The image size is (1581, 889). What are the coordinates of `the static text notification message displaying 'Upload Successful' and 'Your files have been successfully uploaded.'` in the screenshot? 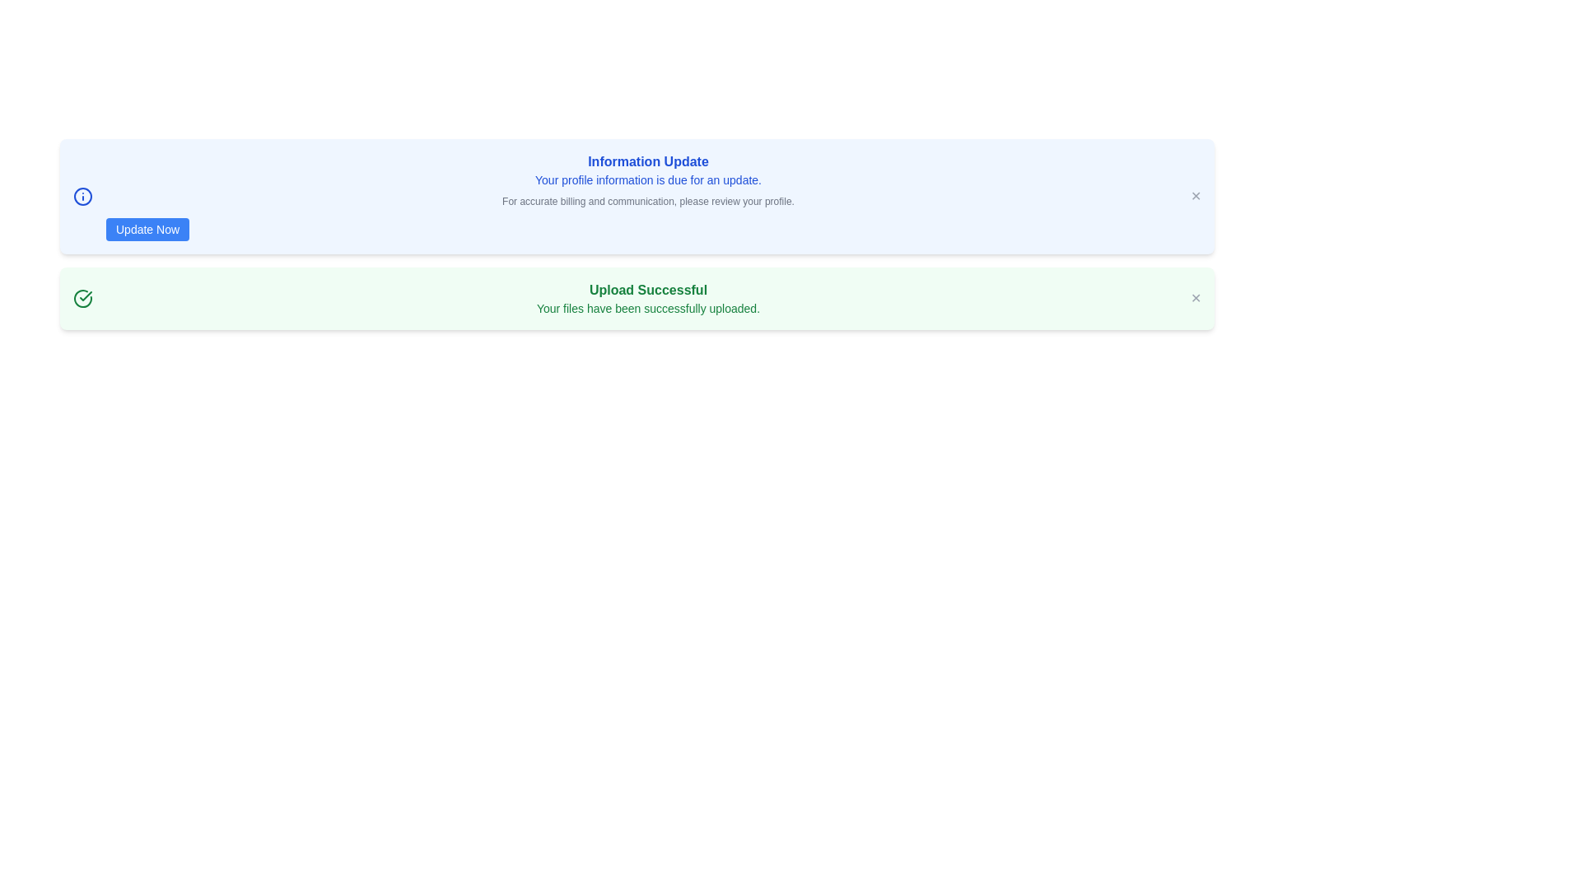 It's located at (647, 298).